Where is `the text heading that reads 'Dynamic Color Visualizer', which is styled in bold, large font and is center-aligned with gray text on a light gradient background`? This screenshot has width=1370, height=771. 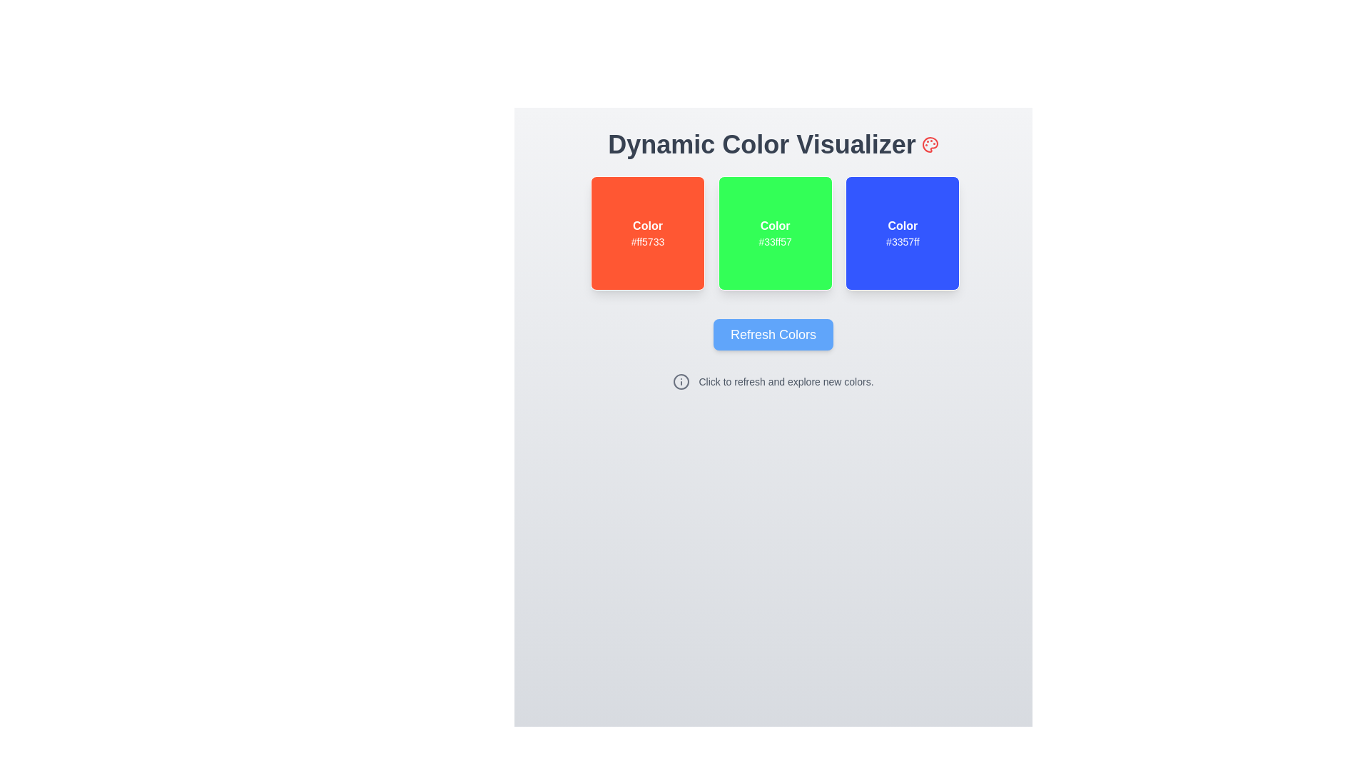
the text heading that reads 'Dynamic Color Visualizer', which is styled in bold, large font and is center-aligned with gray text on a light gradient background is located at coordinates (773, 145).